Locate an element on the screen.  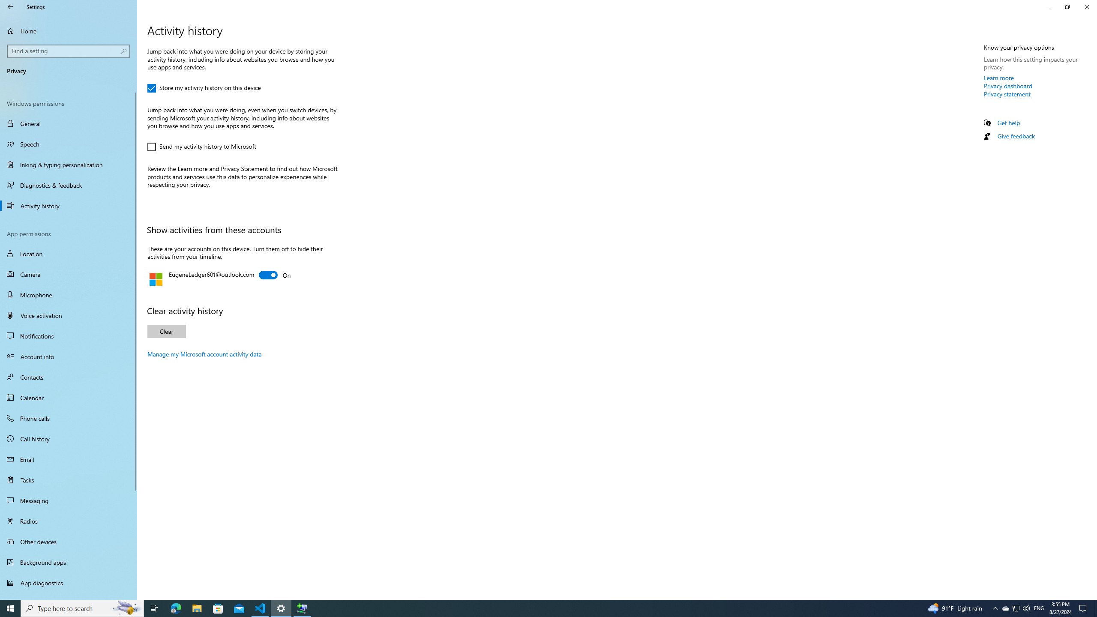
'Calendar' is located at coordinates (68, 397).